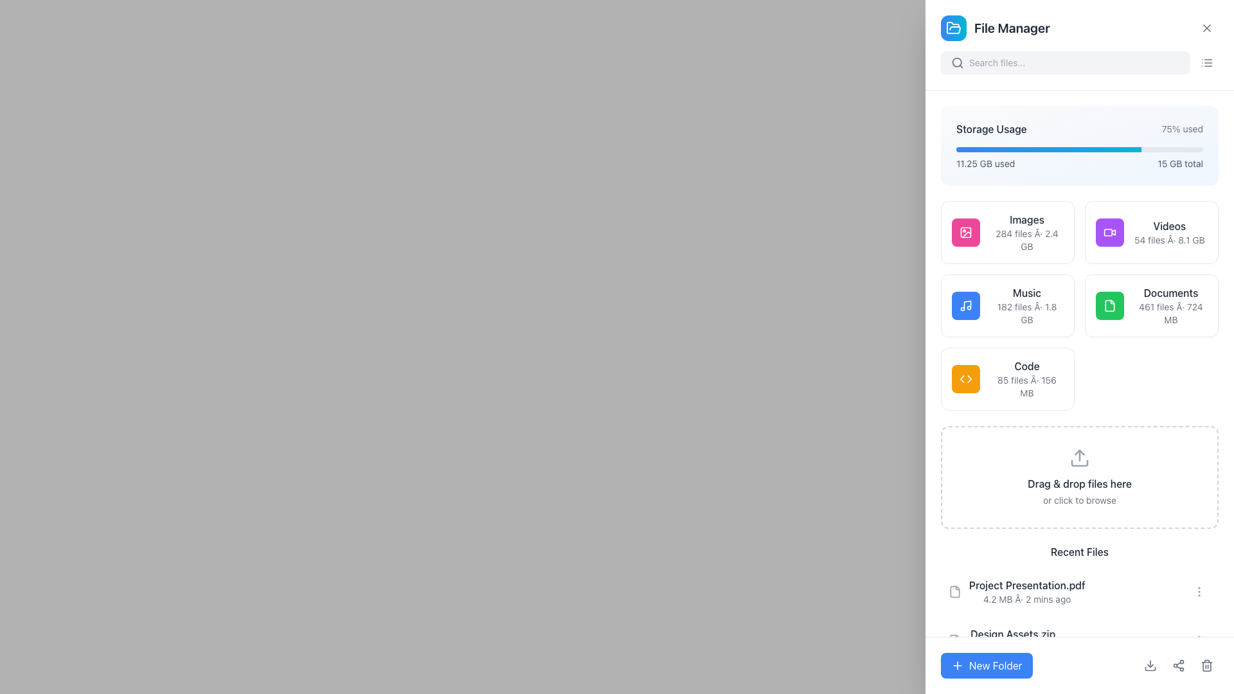  I want to click on the SVG icon representing the 'File Manager' located in the header area, adjacent to the title 'File Manager', so click(953, 28).